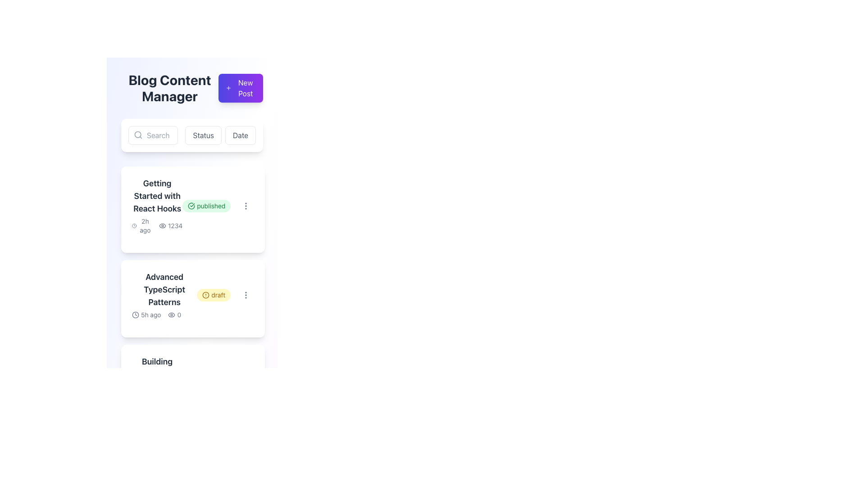  Describe the element at coordinates (228, 88) in the screenshot. I see `the icon located within the purple 'New Post' button, which is situated in the upper-right area of the interface near the 'Blog Content Manager' title` at that location.